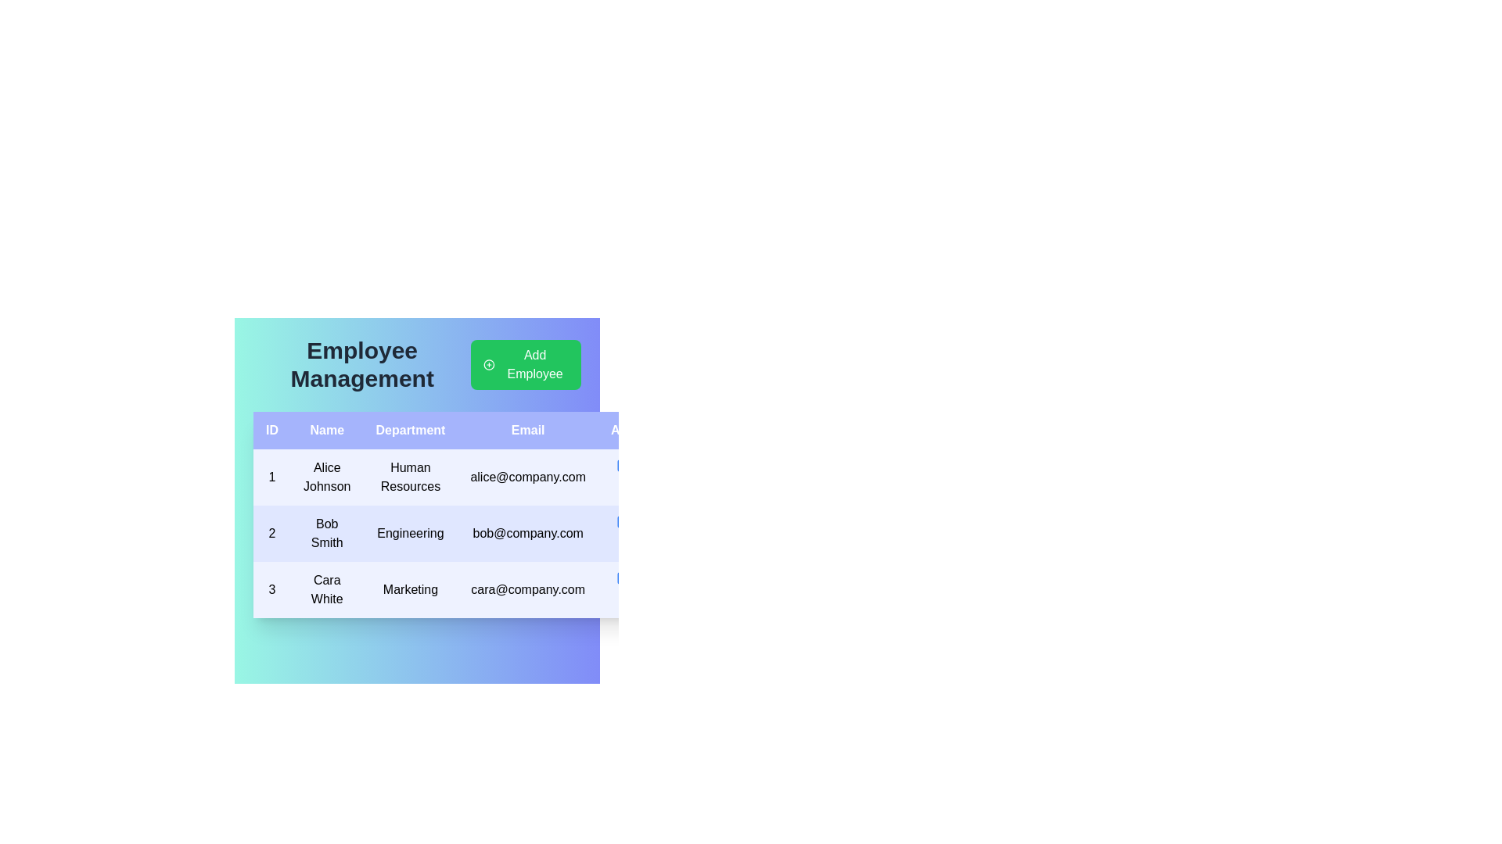 The height and width of the screenshot is (844, 1502). Describe the element at coordinates (528, 431) in the screenshot. I see `the 'Email' Table Header, which is a text label with a light blue background located in the header row of a table, specifically the fourth column from the left` at that location.